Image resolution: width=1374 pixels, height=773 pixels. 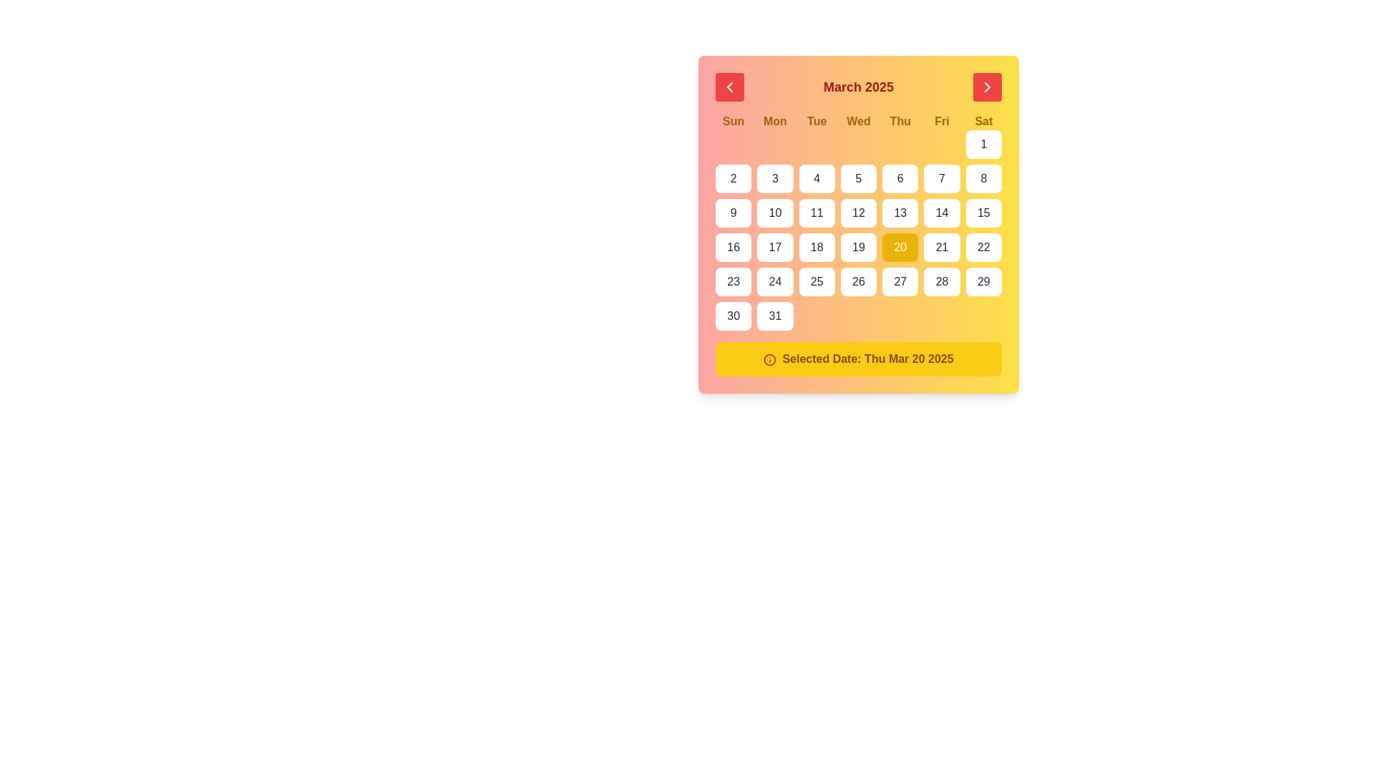 I want to click on the button representing the selectable date in the calendar located in the second row, seventh column of the grid, so click(x=983, y=178).